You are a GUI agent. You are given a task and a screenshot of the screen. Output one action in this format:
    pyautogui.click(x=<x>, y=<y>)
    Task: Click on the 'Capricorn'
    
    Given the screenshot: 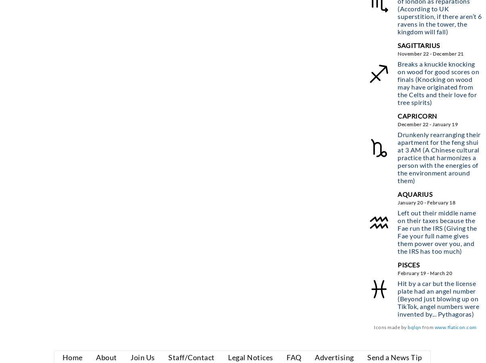 What is the action you would take?
    pyautogui.click(x=417, y=115)
    